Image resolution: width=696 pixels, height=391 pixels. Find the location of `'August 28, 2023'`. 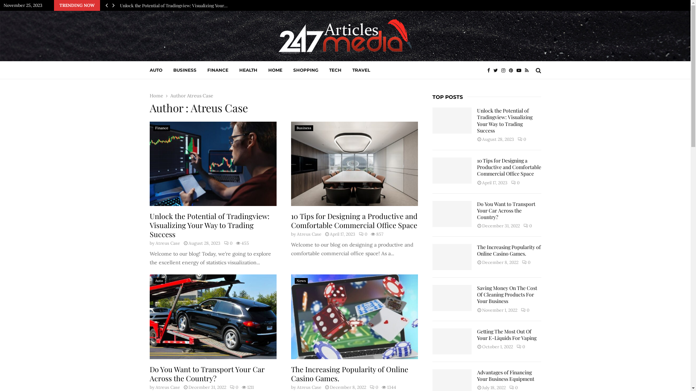

'August 28, 2023' is located at coordinates (188, 243).